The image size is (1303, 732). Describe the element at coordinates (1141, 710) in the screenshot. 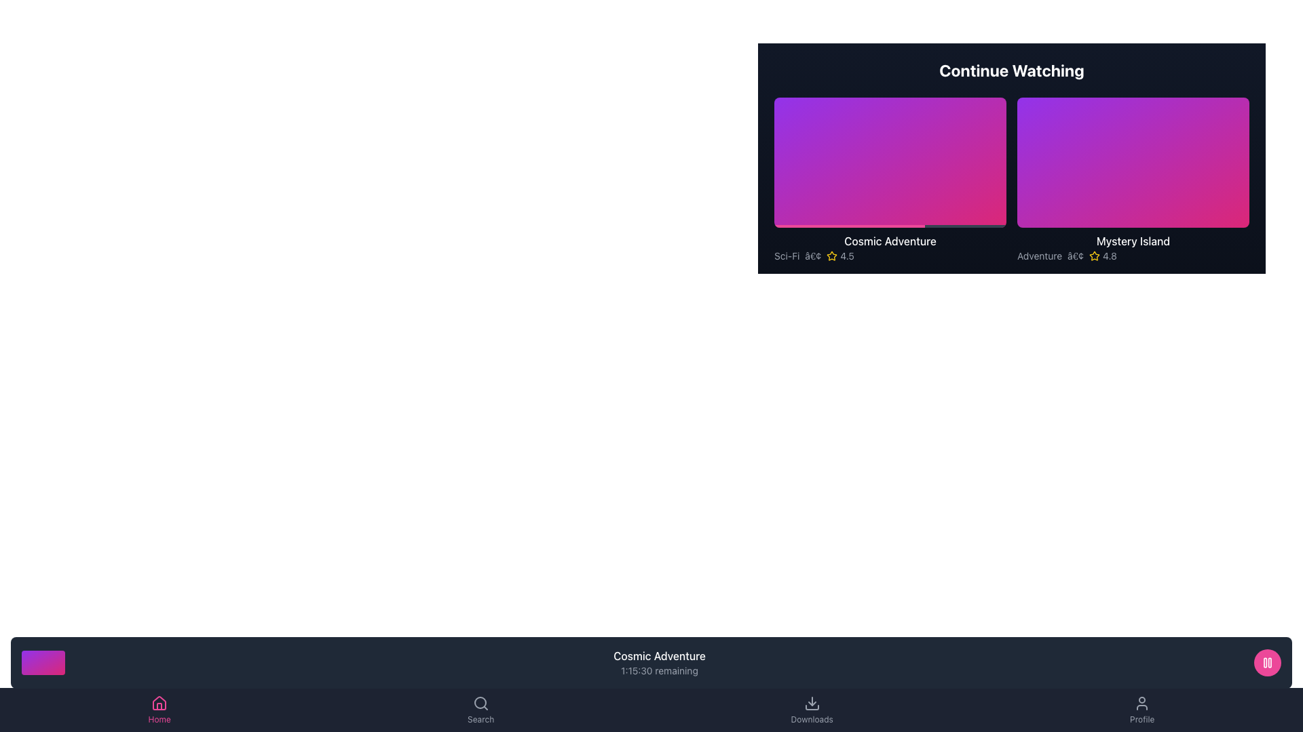

I see `the button with a user silhouette icon and 'Profile' label located in the bottom navigation bar on the far-right side` at that location.